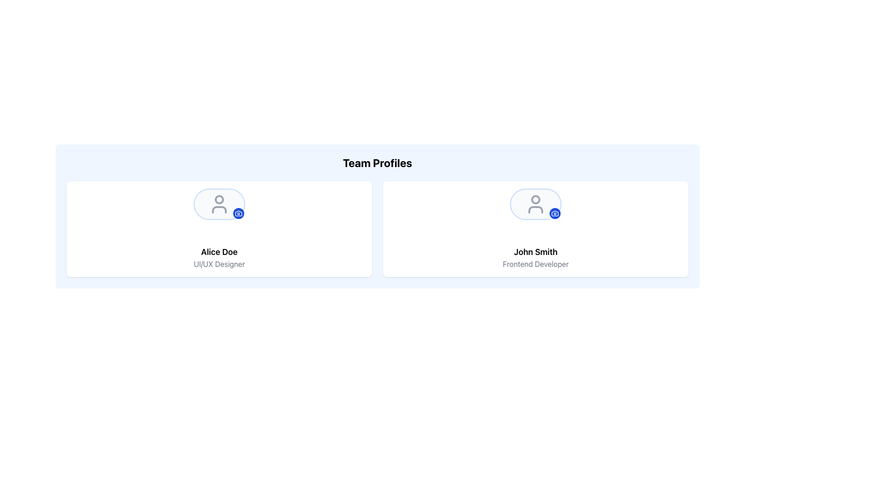 The height and width of the screenshot is (497, 883). I want to click on the user profile icon representing Alice Doe, located at the center of the profile card in the 'Team Profiles' section, so click(218, 203).